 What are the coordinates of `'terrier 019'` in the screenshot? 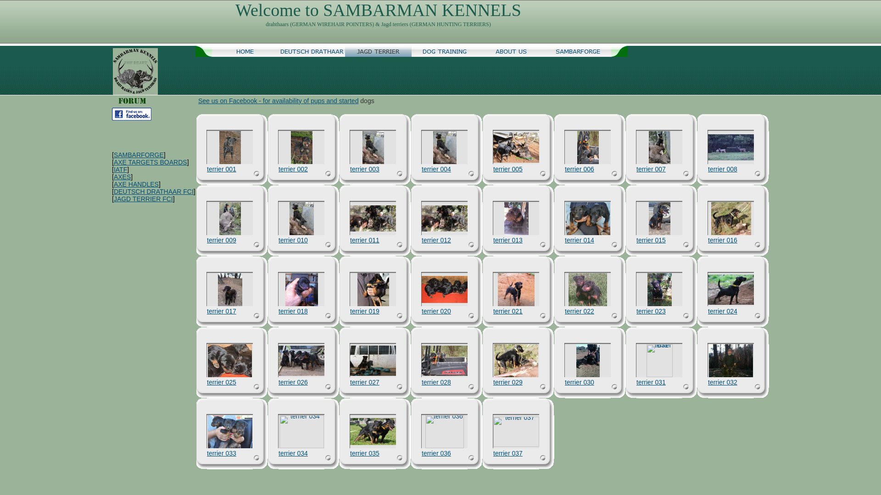 It's located at (373, 290).